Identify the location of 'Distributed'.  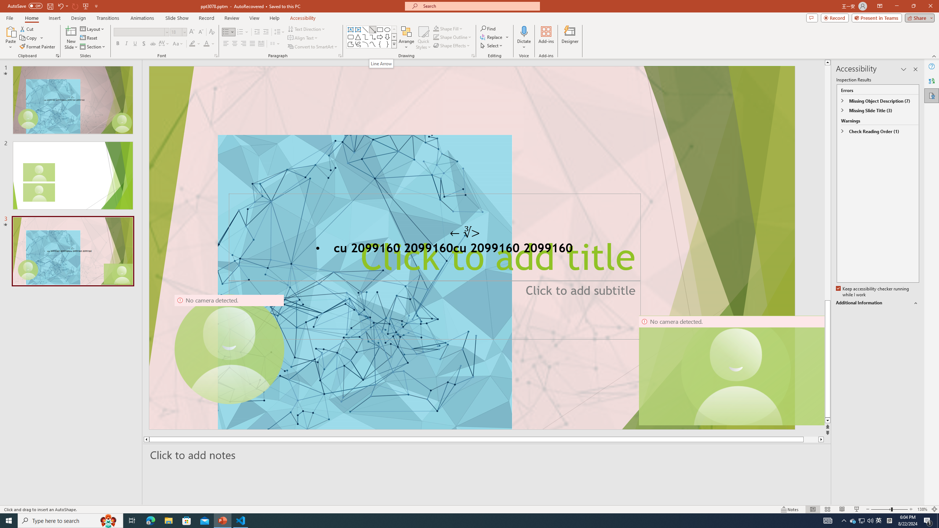
(260, 43).